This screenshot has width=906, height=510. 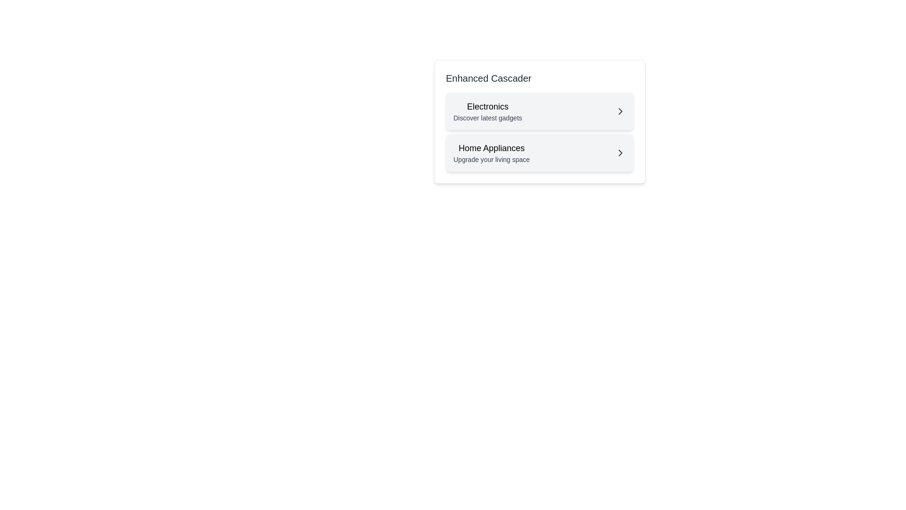 I want to click on the 'Electronics' text block located at the upper left segment of the card-like component, so click(x=487, y=106).